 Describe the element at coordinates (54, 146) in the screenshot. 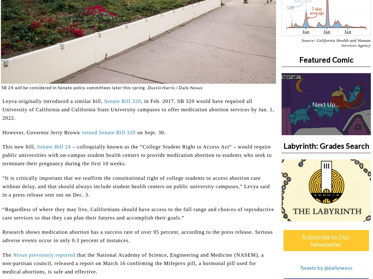

I see `'Senate Bill 24'` at that location.